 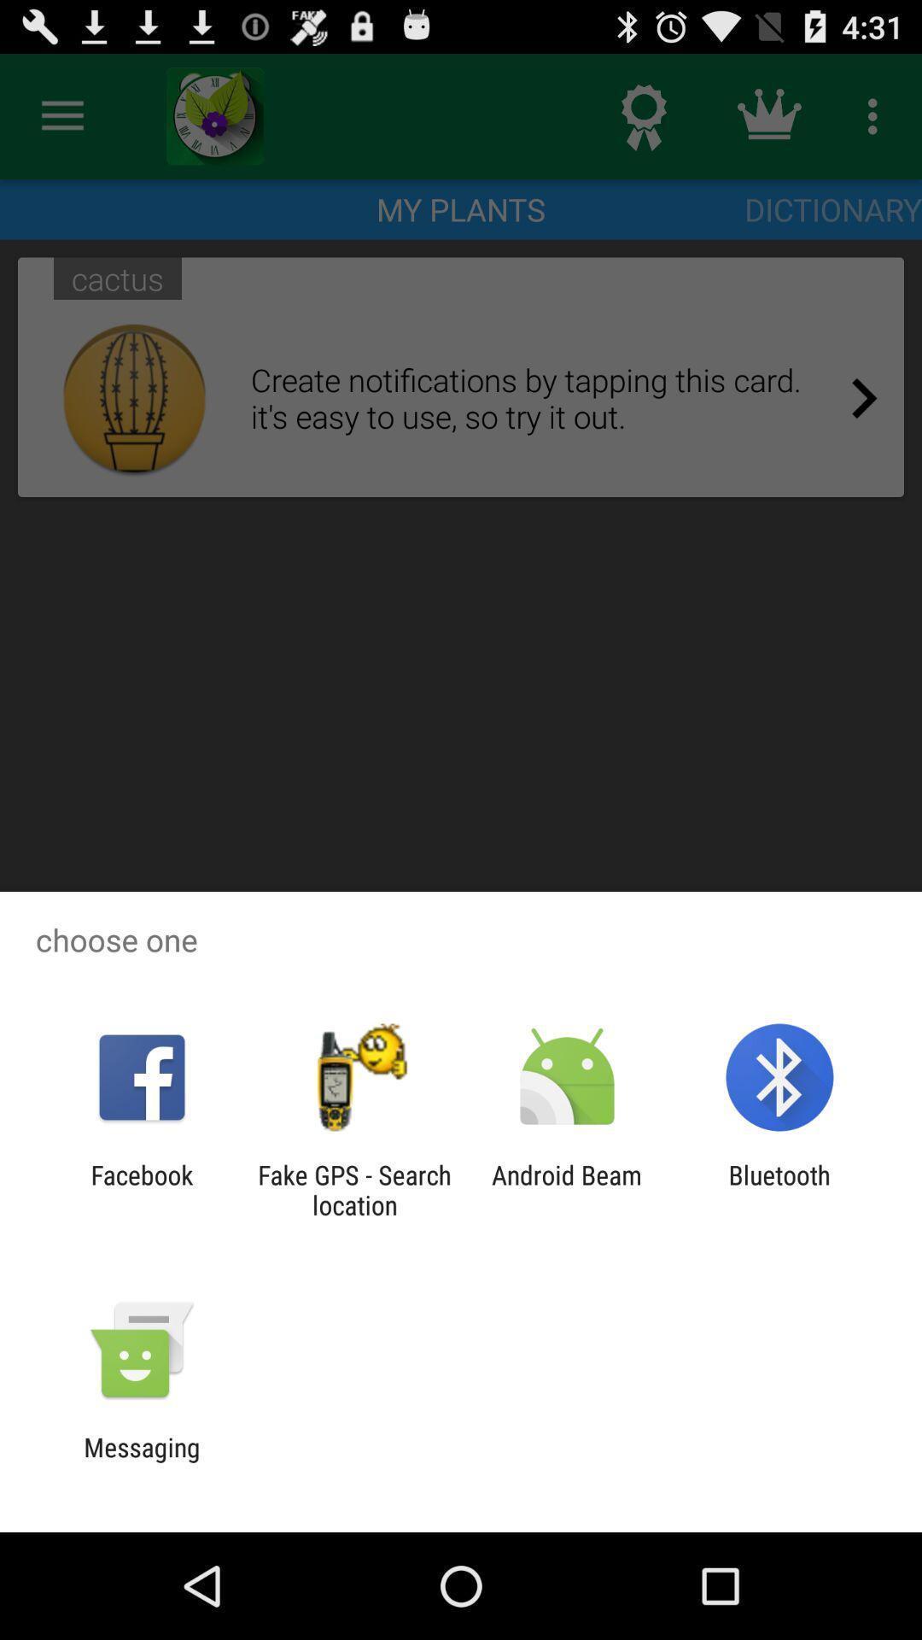 I want to click on item to the right of android beam icon, so click(x=779, y=1189).